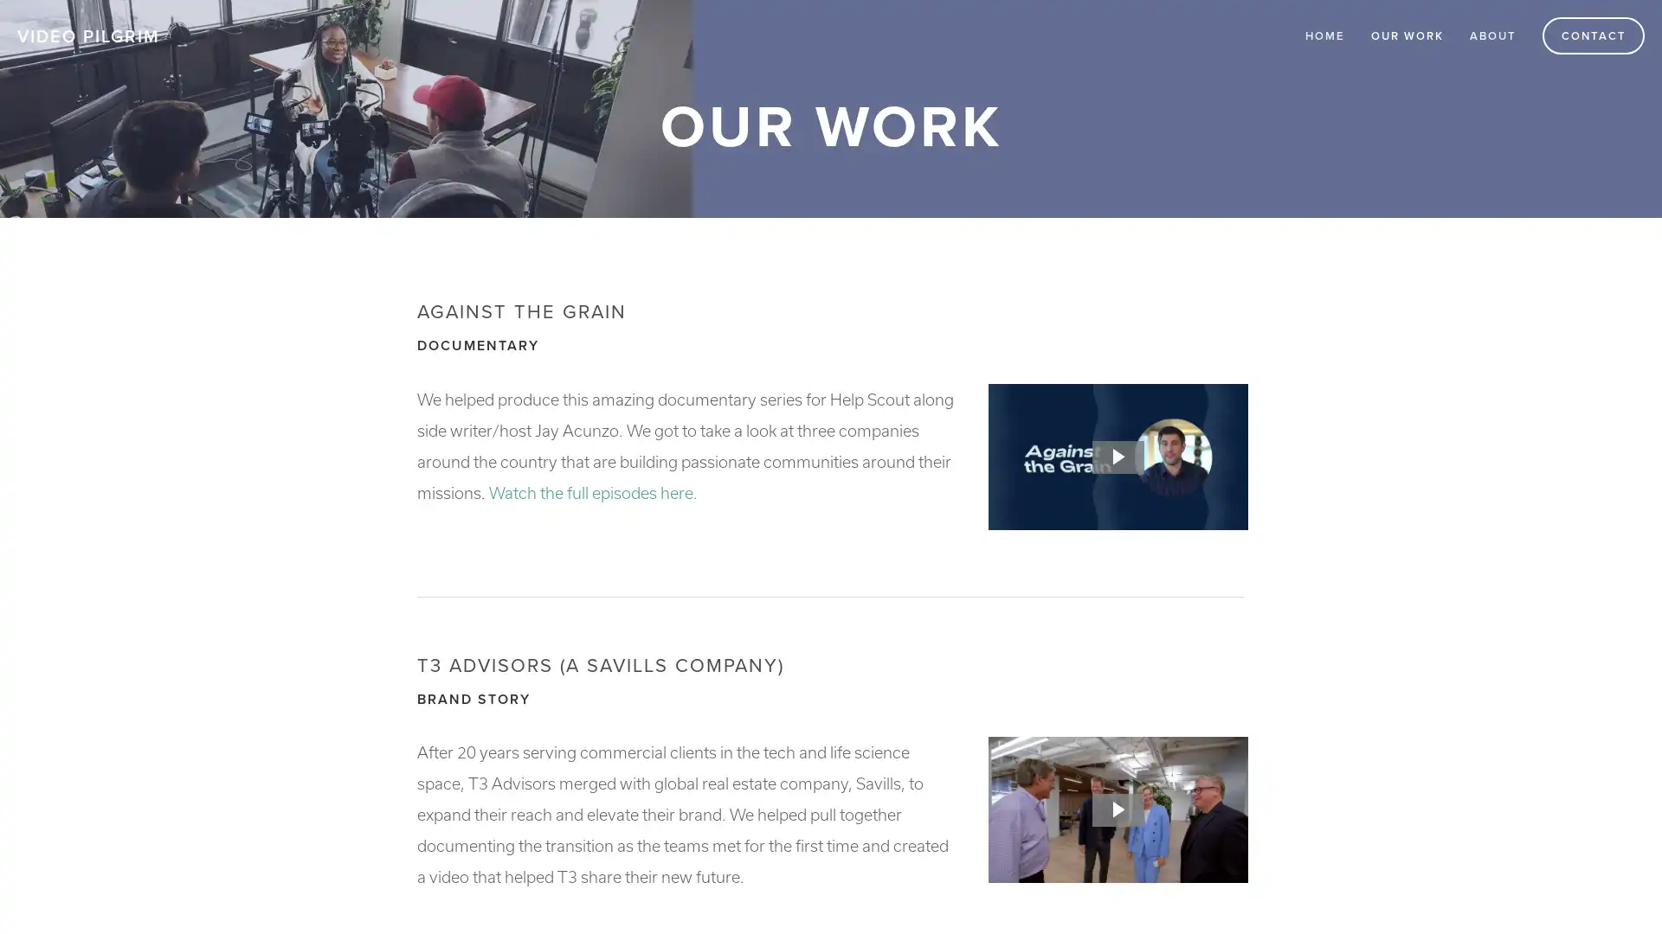 The height and width of the screenshot is (934, 1662). What do you see at coordinates (1118, 810) in the screenshot?
I see `Play` at bounding box center [1118, 810].